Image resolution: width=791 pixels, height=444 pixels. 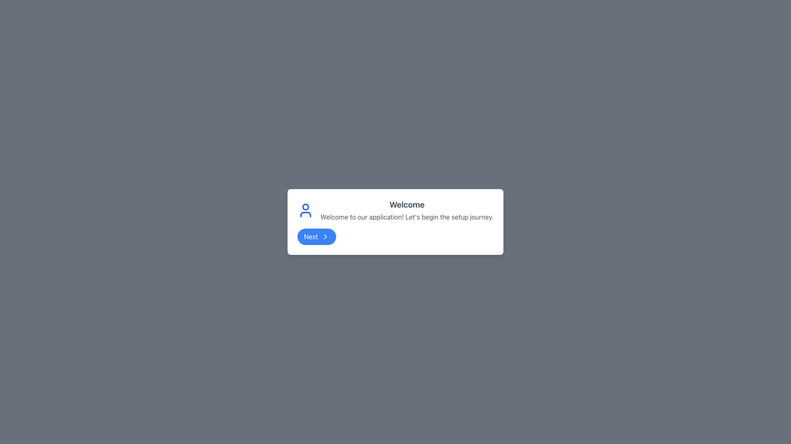 I want to click on the descriptive text with icon that includes a user icon and the text 'Welcome' and 'Welcome to our application! Let's begin the setup journey.', so click(x=395, y=210).